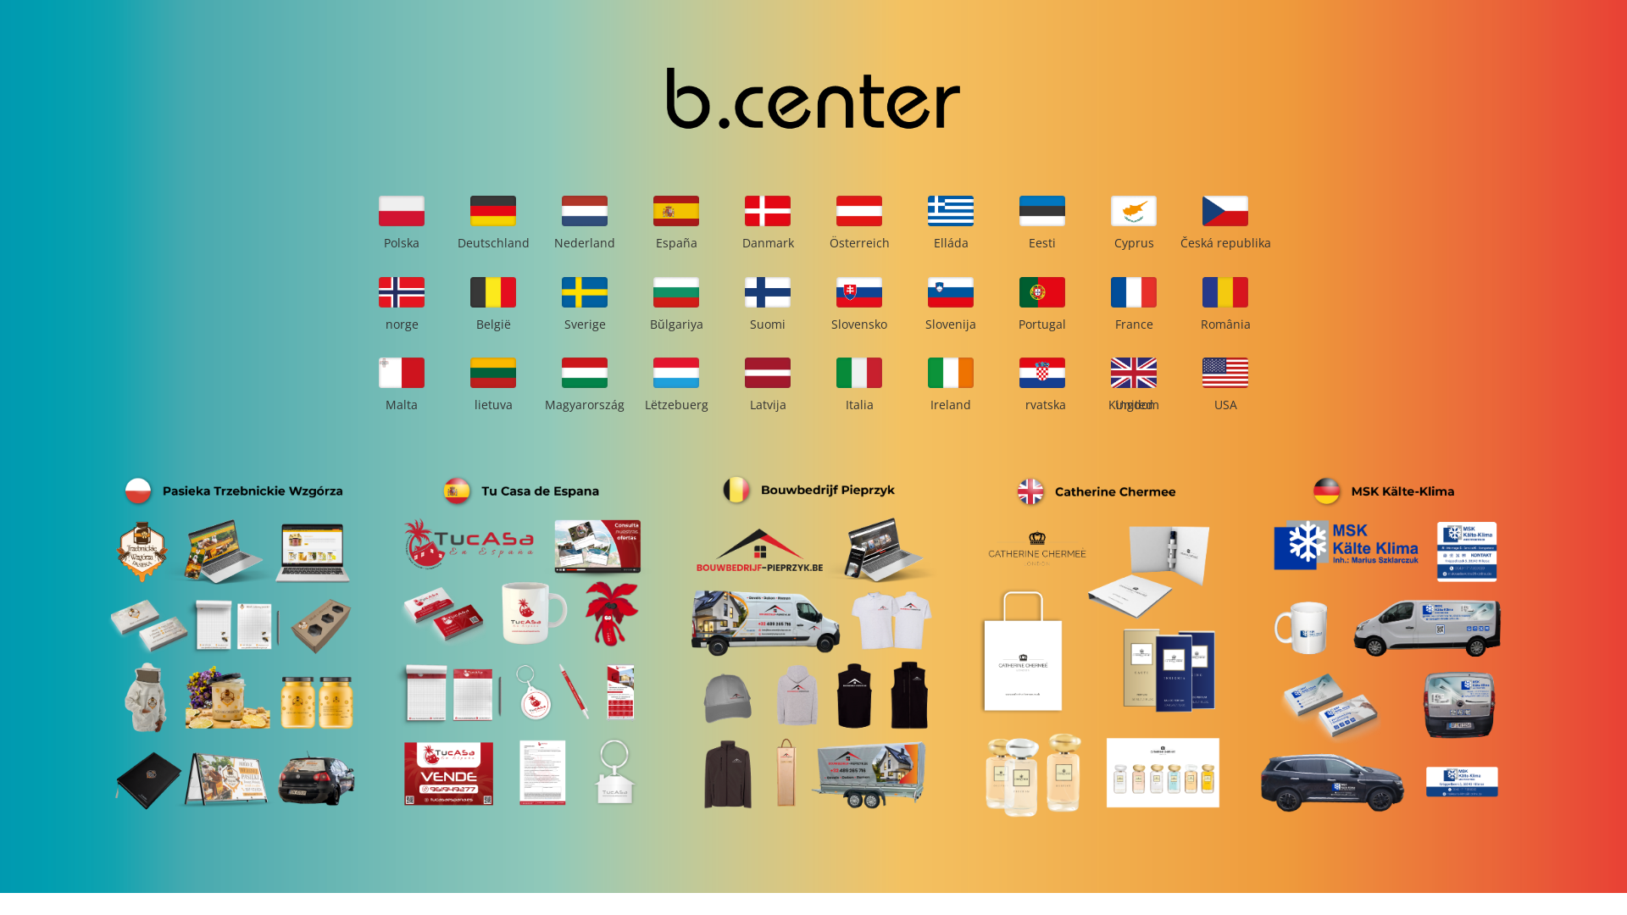  What do you see at coordinates (766, 404) in the screenshot?
I see `'Latvija'` at bounding box center [766, 404].